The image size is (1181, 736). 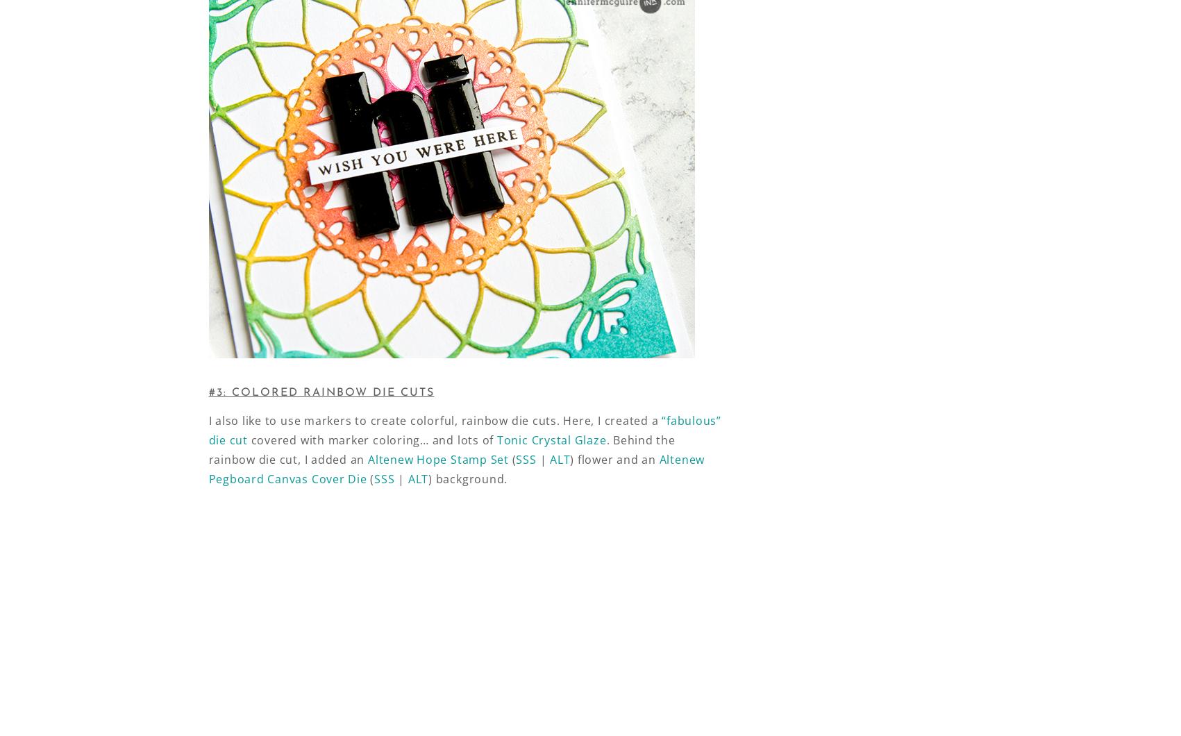 I want to click on ') background.', so click(x=467, y=478).